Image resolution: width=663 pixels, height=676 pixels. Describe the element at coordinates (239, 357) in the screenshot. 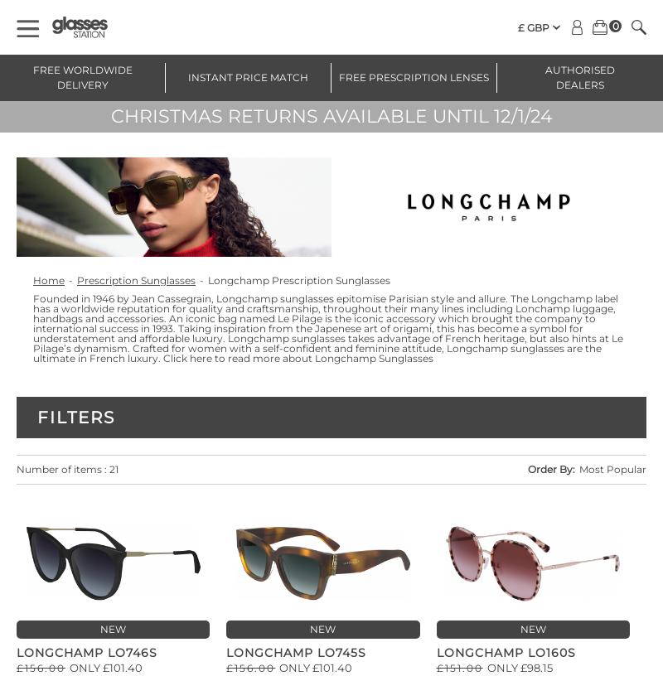

I see `'Click here to read more about'` at that location.